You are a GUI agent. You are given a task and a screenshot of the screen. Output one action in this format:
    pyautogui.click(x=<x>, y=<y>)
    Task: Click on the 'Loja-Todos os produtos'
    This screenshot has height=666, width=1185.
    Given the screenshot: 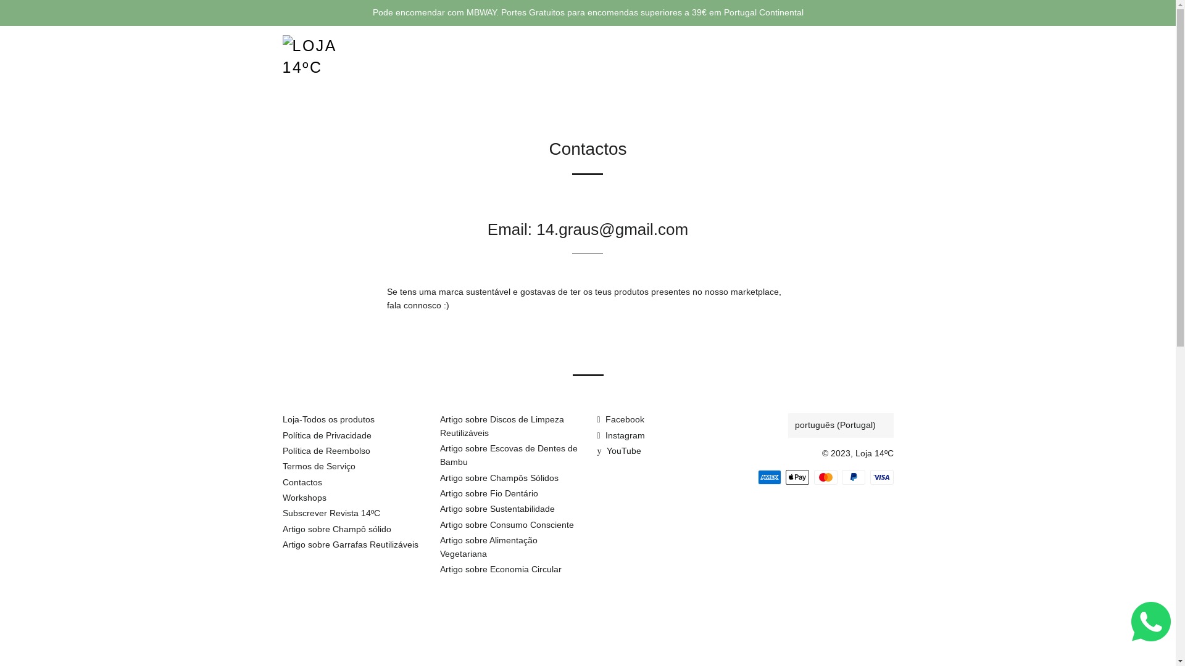 What is the action you would take?
    pyautogui.click(x=328, y=418)
    